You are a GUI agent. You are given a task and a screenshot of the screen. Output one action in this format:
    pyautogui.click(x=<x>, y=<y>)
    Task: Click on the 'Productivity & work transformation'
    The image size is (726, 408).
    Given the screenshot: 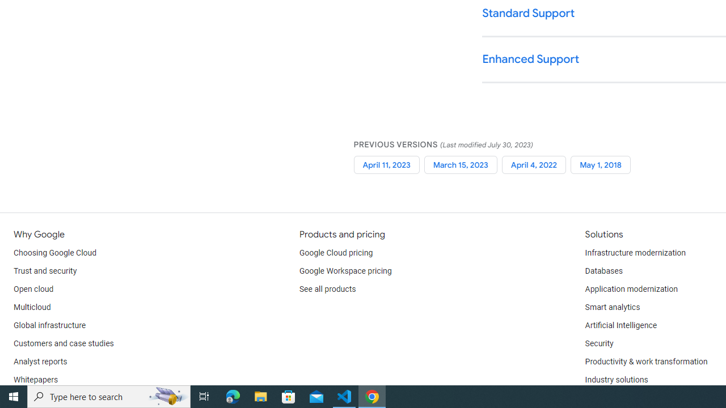 What is the action you would take?
    pyautogui.click(x=646, y=362)
    